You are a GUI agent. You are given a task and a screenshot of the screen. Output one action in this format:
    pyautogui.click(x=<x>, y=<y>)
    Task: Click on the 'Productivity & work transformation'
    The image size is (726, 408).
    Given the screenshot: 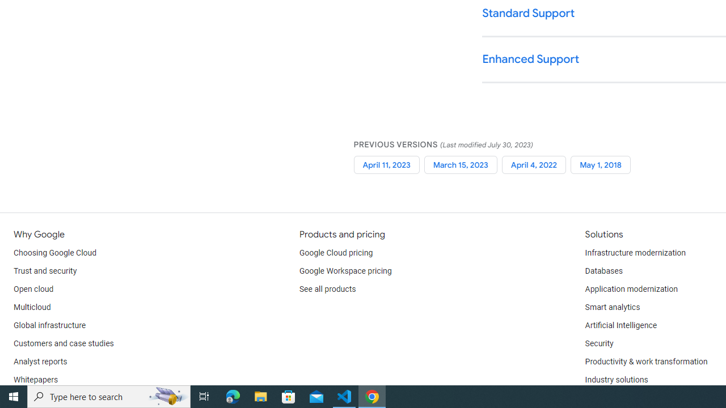 What is the action you would take?
    pyautogui.click(x=646, y=362)
    